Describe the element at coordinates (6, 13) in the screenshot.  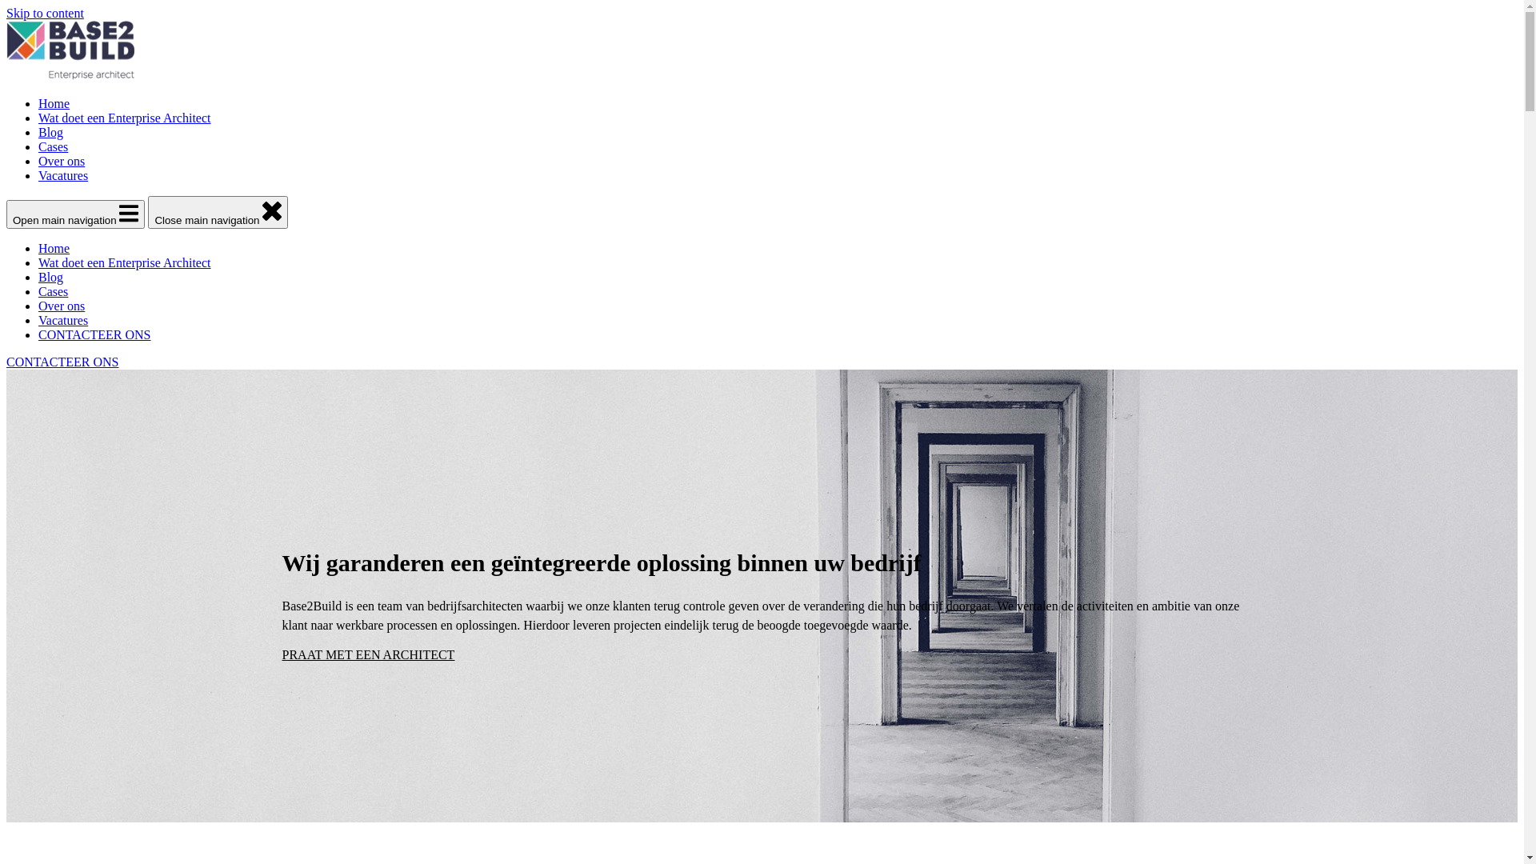
I see `'Skip to content'` at that location.